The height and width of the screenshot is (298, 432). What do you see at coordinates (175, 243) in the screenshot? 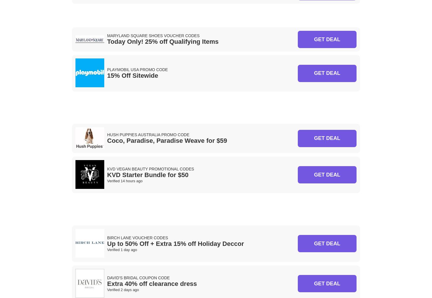
I see `'Up to 50% Off + Extra 15% off Holiday Deccor'` at bounding box center [175, 243].